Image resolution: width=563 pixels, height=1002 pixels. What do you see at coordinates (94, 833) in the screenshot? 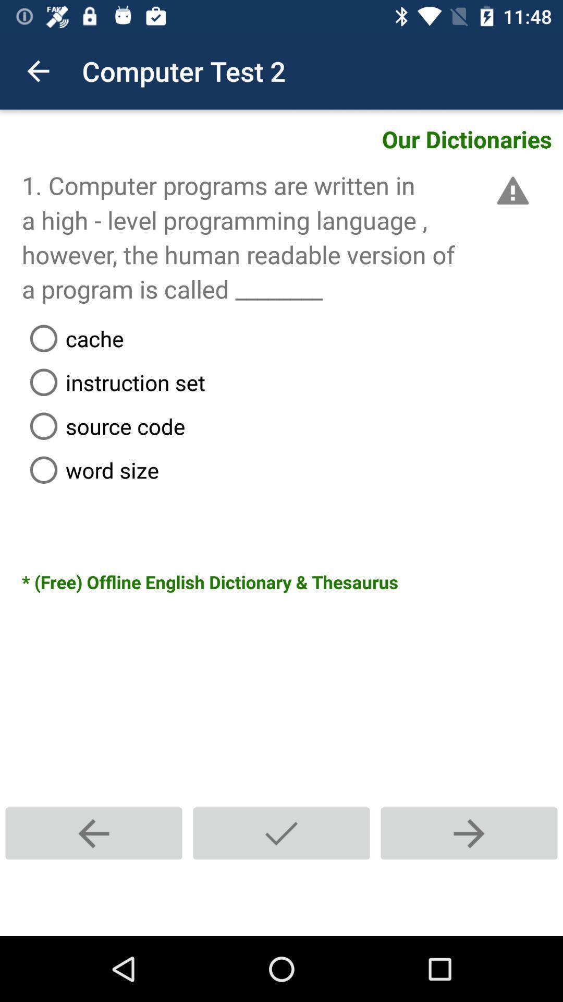
I see `go back` at bounding box center [94, 833].